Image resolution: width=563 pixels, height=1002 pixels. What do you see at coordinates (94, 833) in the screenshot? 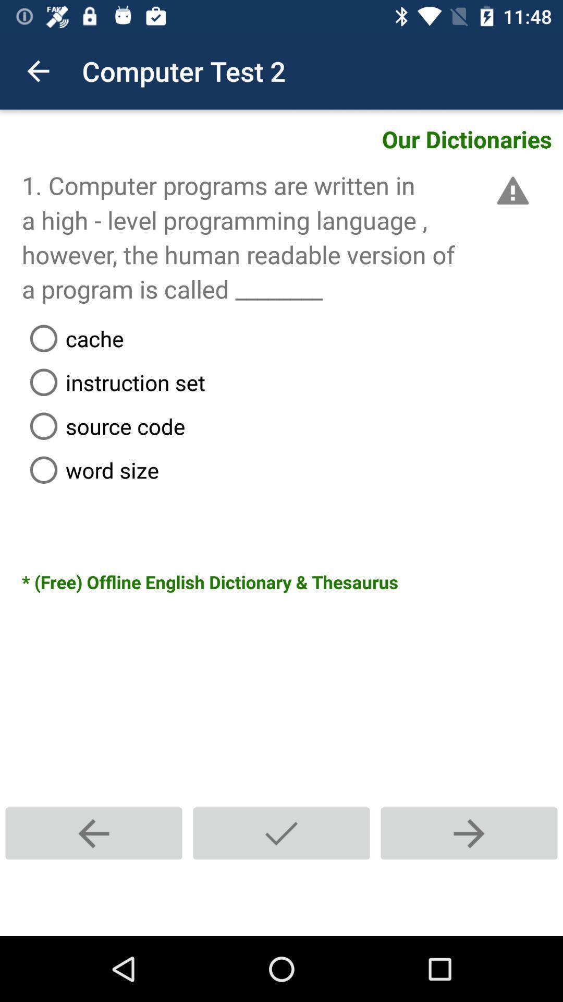
I see `go back` at bounding box center [94, 833].